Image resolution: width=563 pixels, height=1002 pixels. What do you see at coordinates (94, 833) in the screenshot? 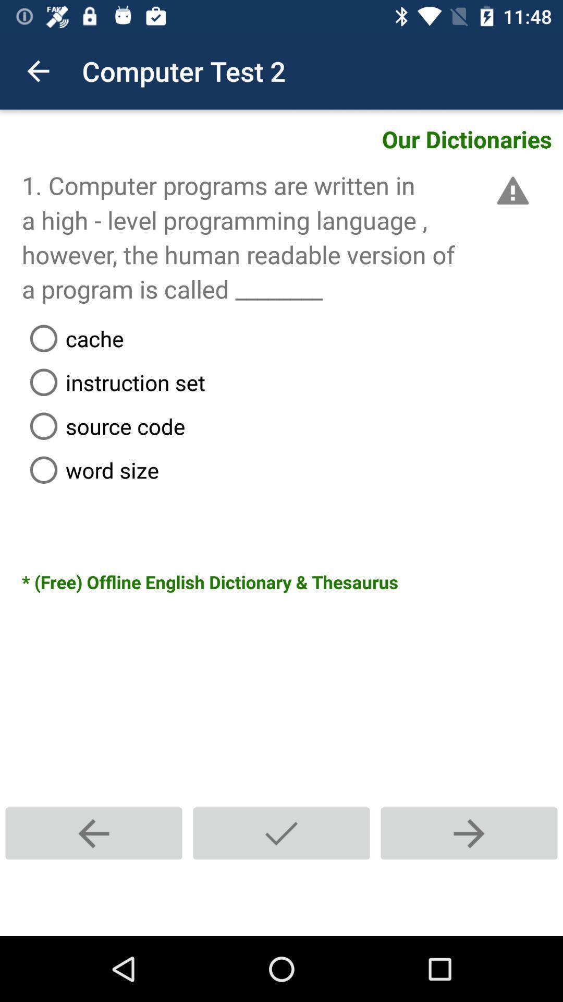
I see `go back` at bounding box center [94, 833].